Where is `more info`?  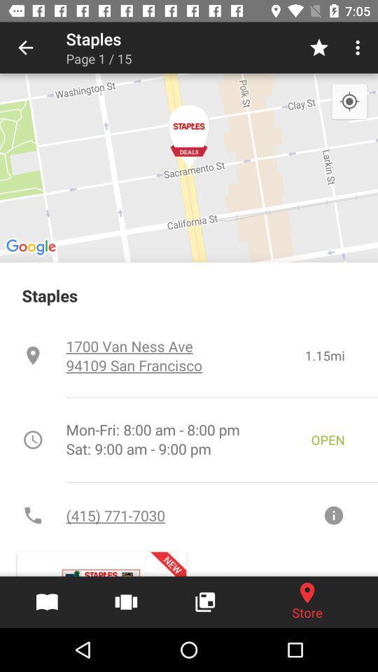
more info is located at coordinates (332, 514).